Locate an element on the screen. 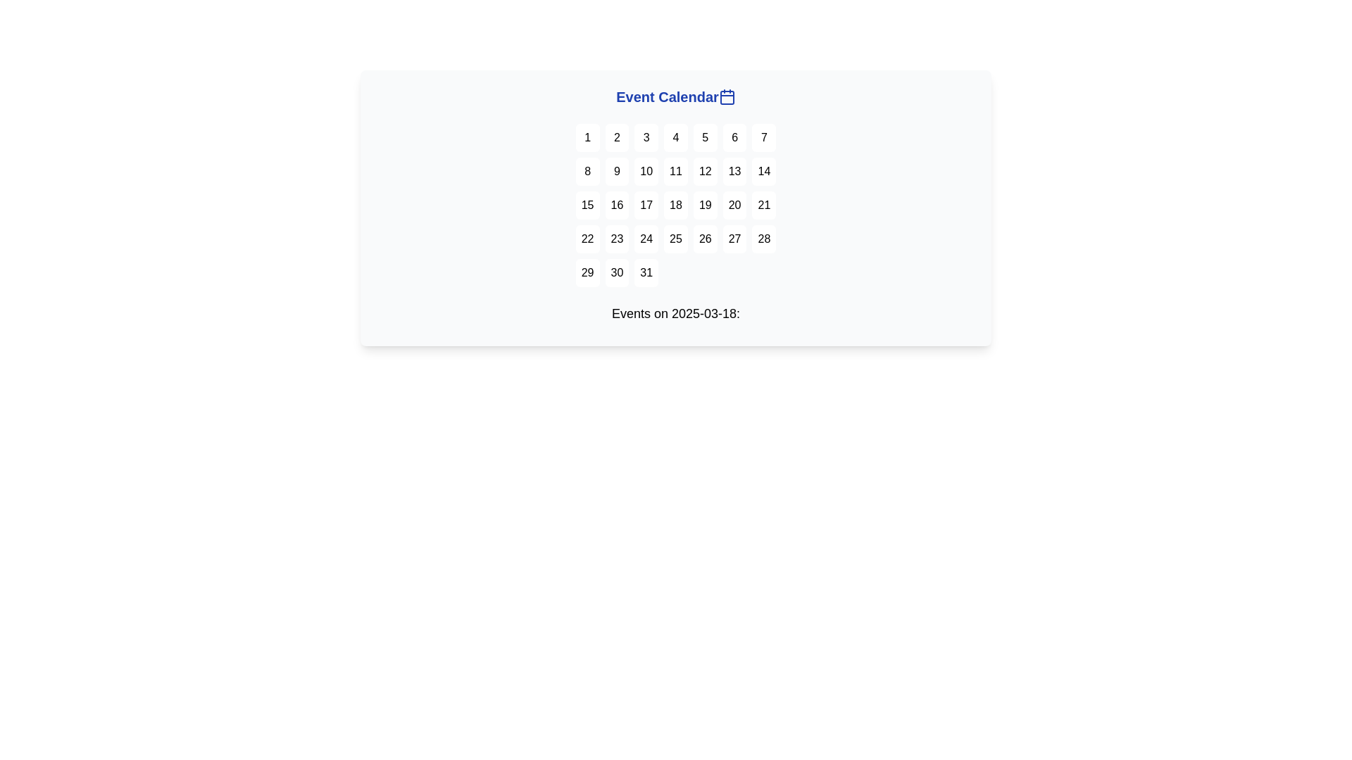 This screenshot has width=1352, height=760. the button labeled '23' is located at coordinates (617, 238).